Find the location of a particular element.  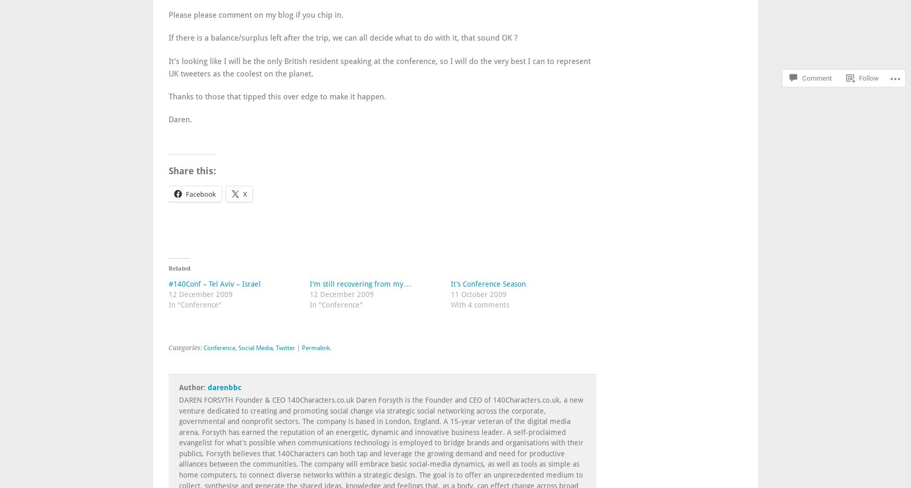

'Twitter' is located at coordinates (285, 347).